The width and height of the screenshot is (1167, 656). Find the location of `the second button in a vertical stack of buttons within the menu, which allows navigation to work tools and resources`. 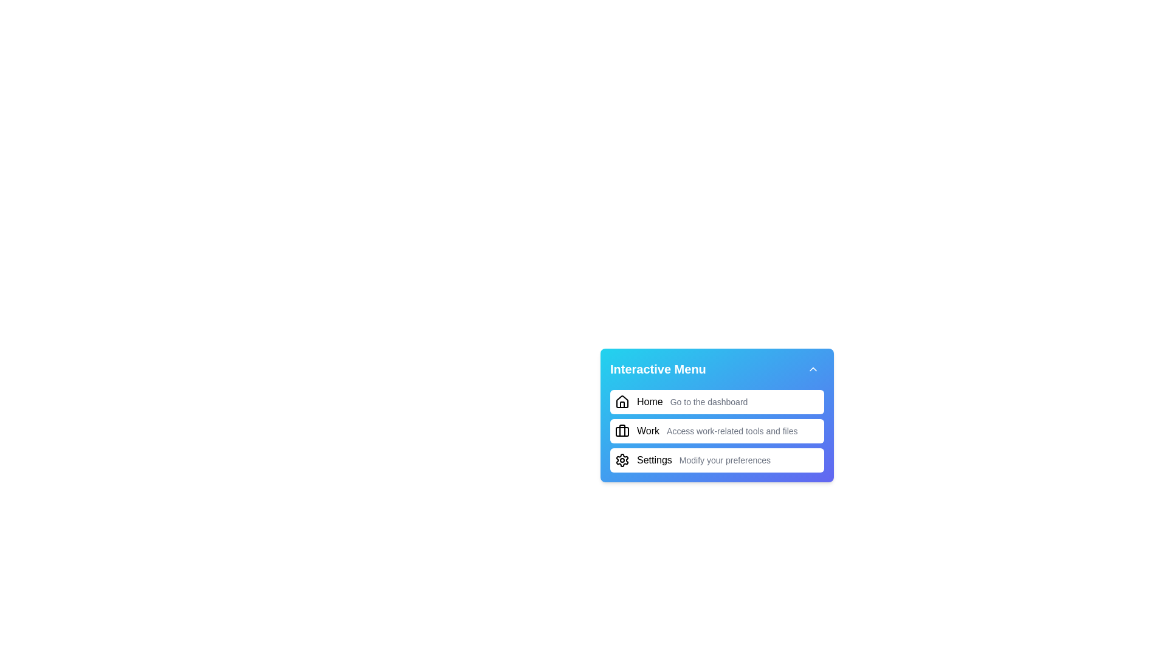

the second button in a vertical stack of buttons within the menu, which allows navigation to work tools and resources is located at coordinates (717, 430).